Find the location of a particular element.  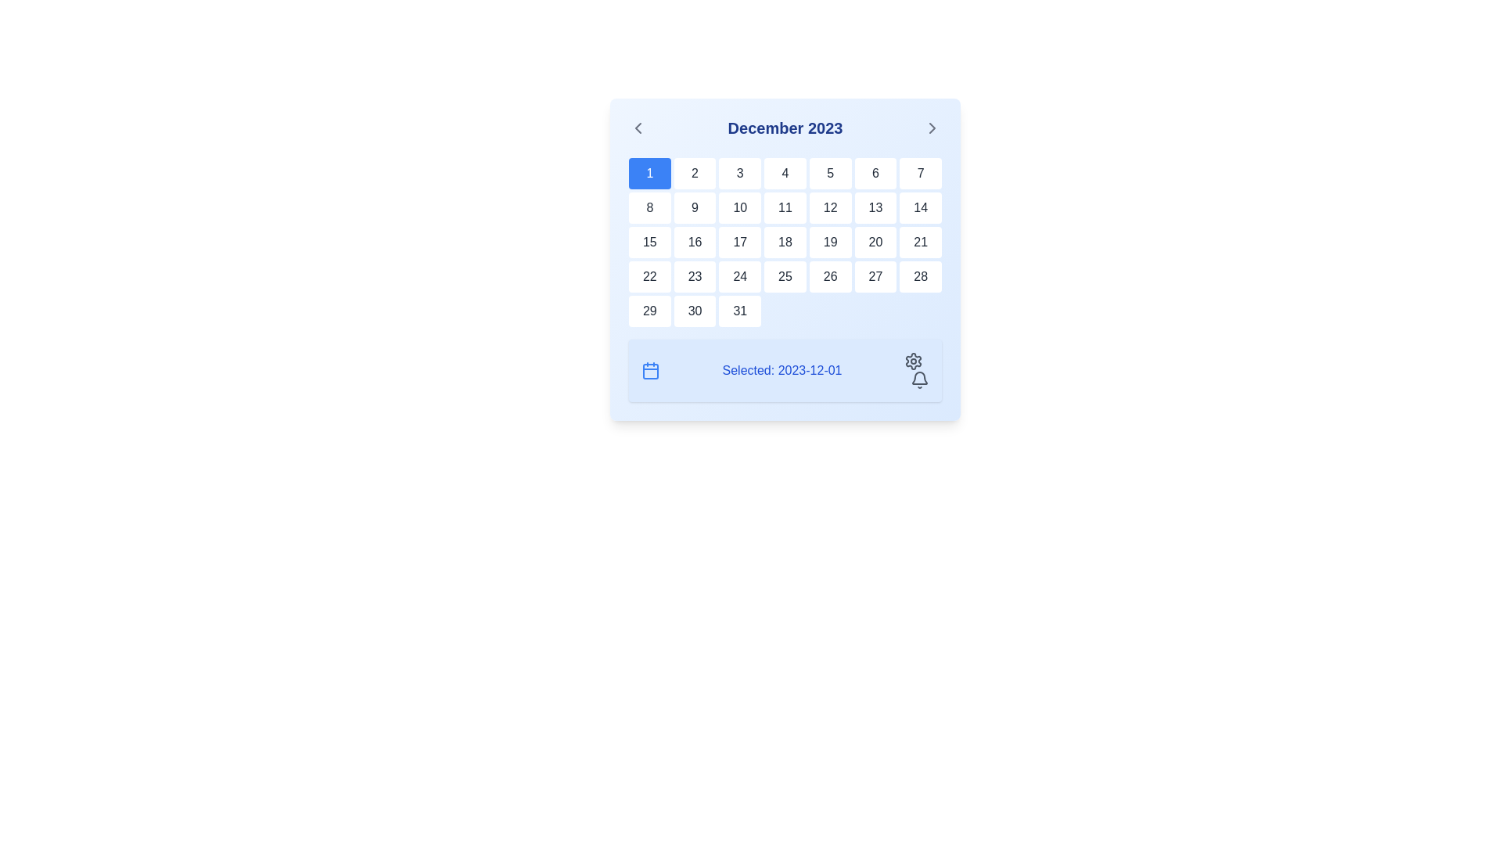

the button that represents the 28th day of the month in the calendar interface is located at coordinates (921, 276).